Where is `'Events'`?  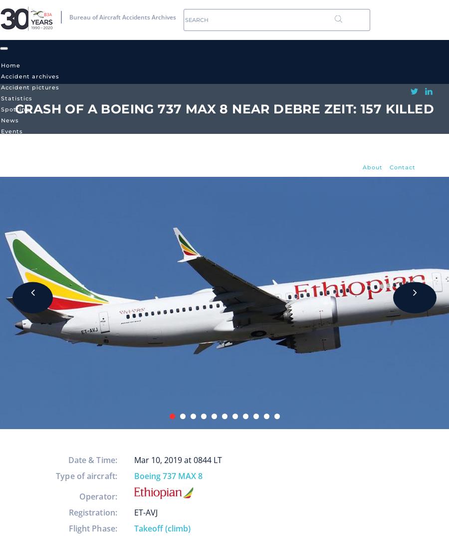 'Events' is located at coordinates (11, 130).